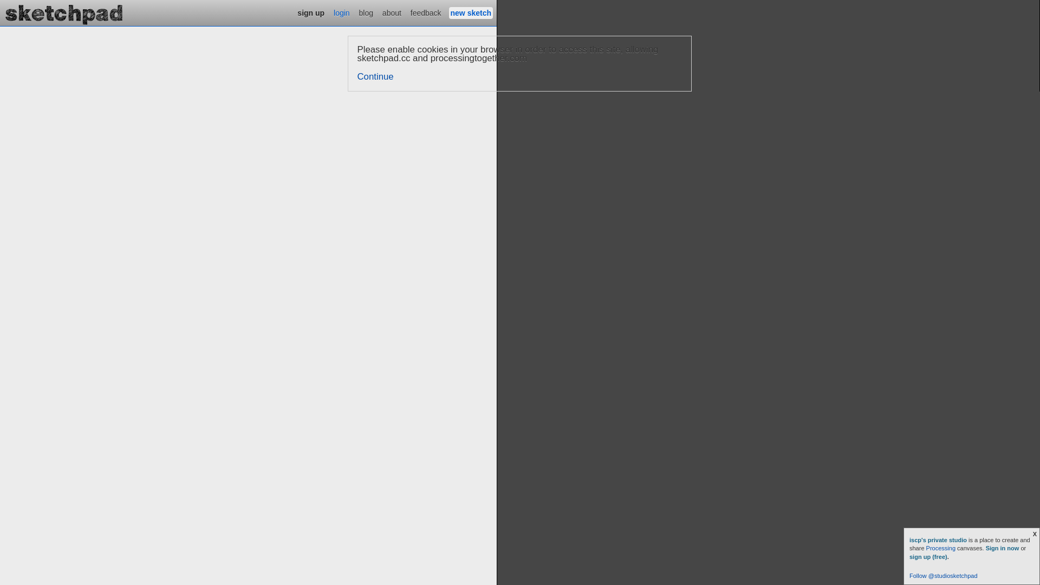  What do you see at coordinates (938, 539) in the screenshot?
I see `'iscp's private studio'` at bounding box center [938, 539].